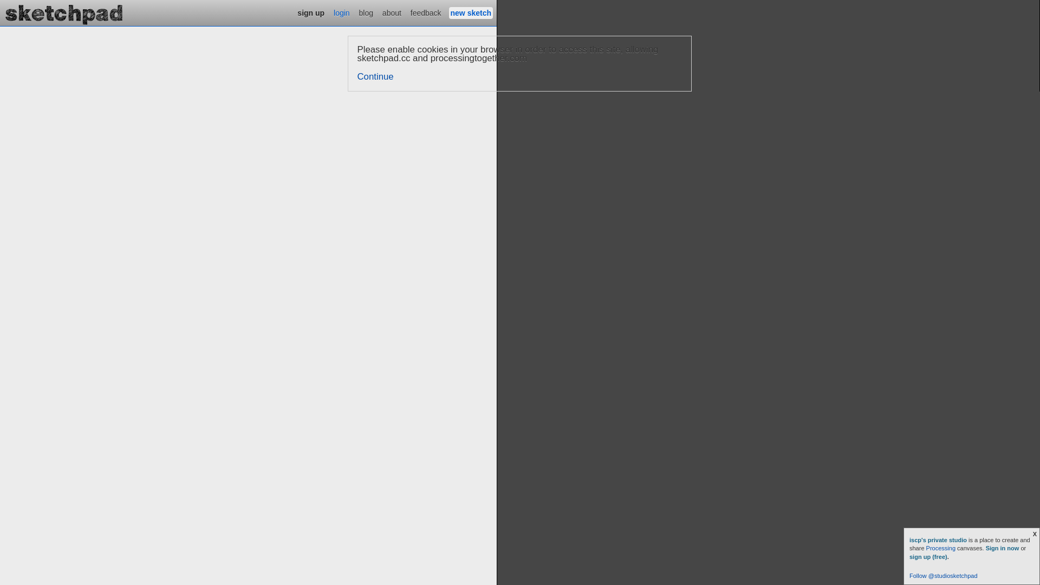  What do you see at coordinates (938, 539) in the screenshot?
I see `'iscp's private studio'` at bounding box center [938, 539].